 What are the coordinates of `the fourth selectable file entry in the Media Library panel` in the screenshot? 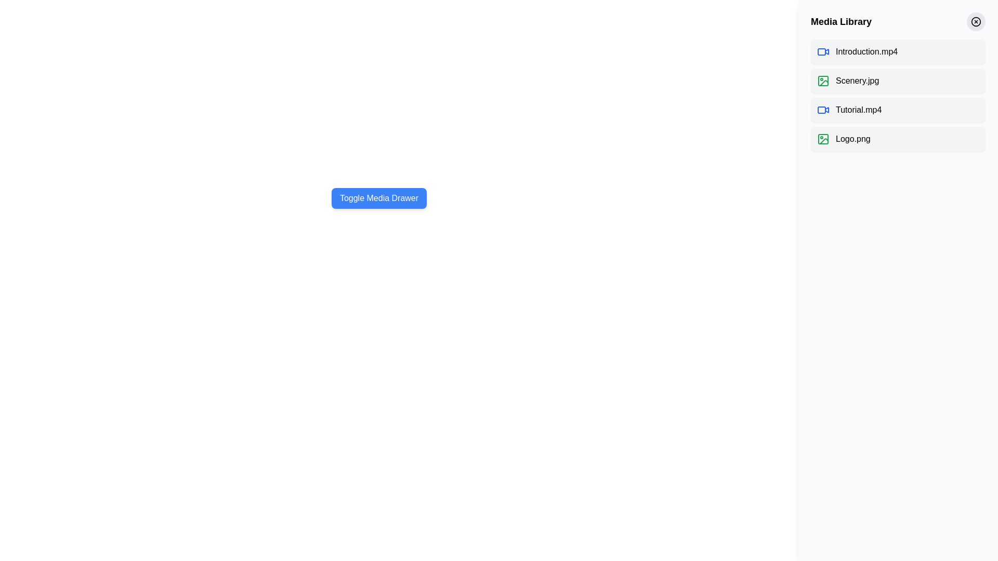 It's located at (898, 138).